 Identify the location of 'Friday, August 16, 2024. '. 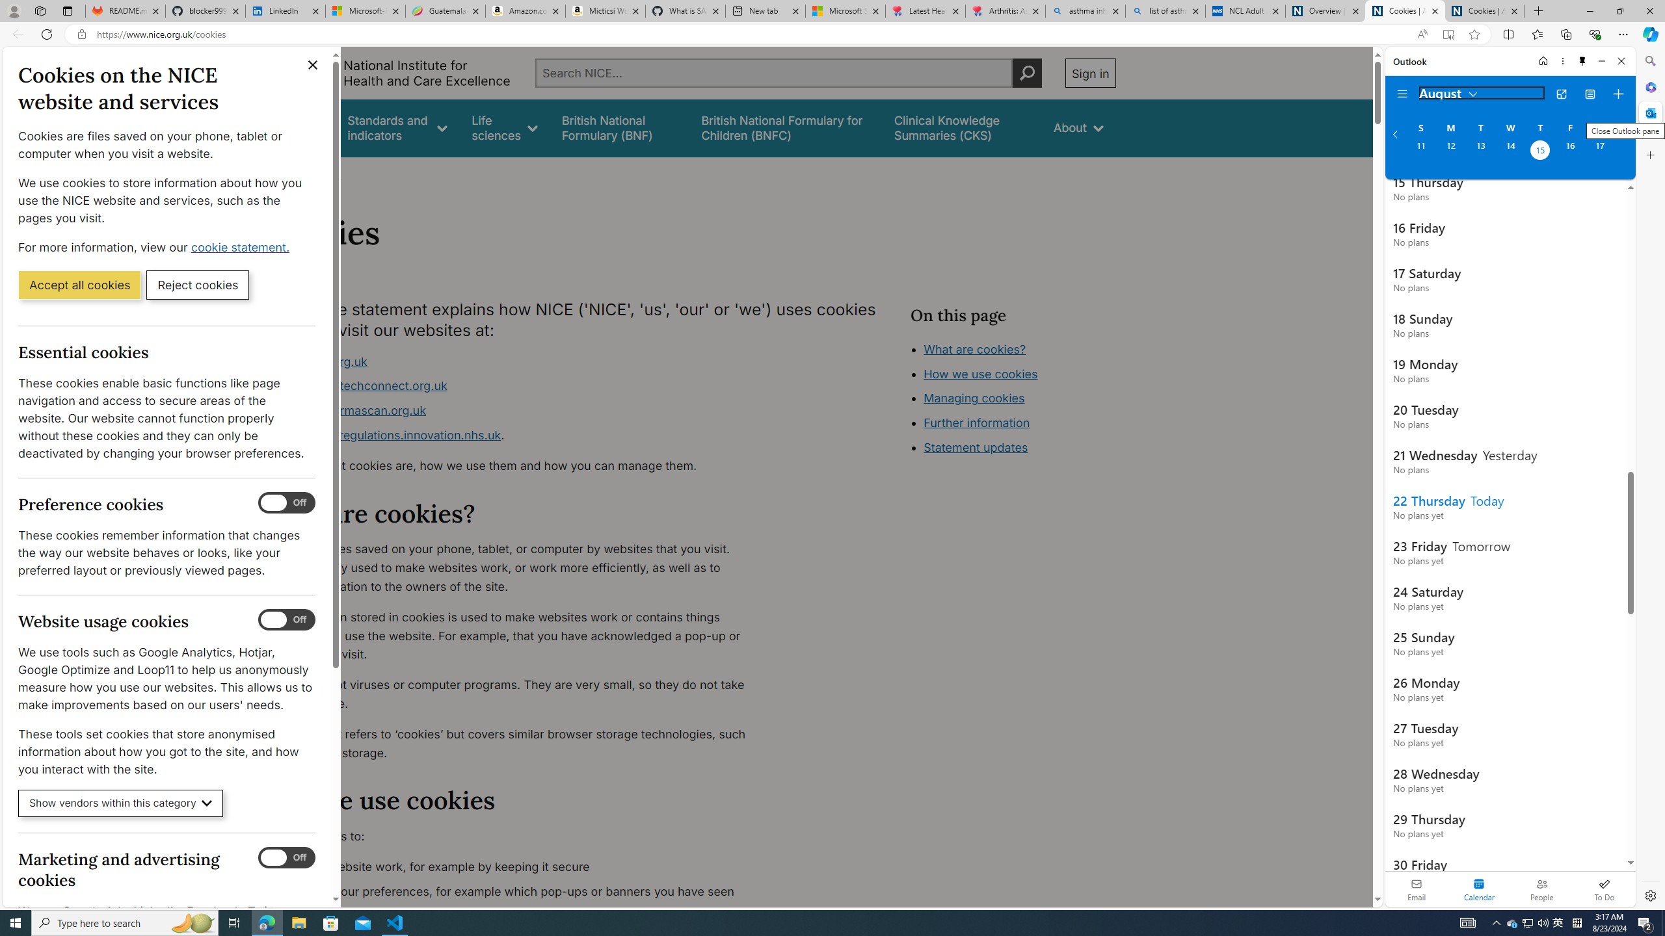
(1569, 151).